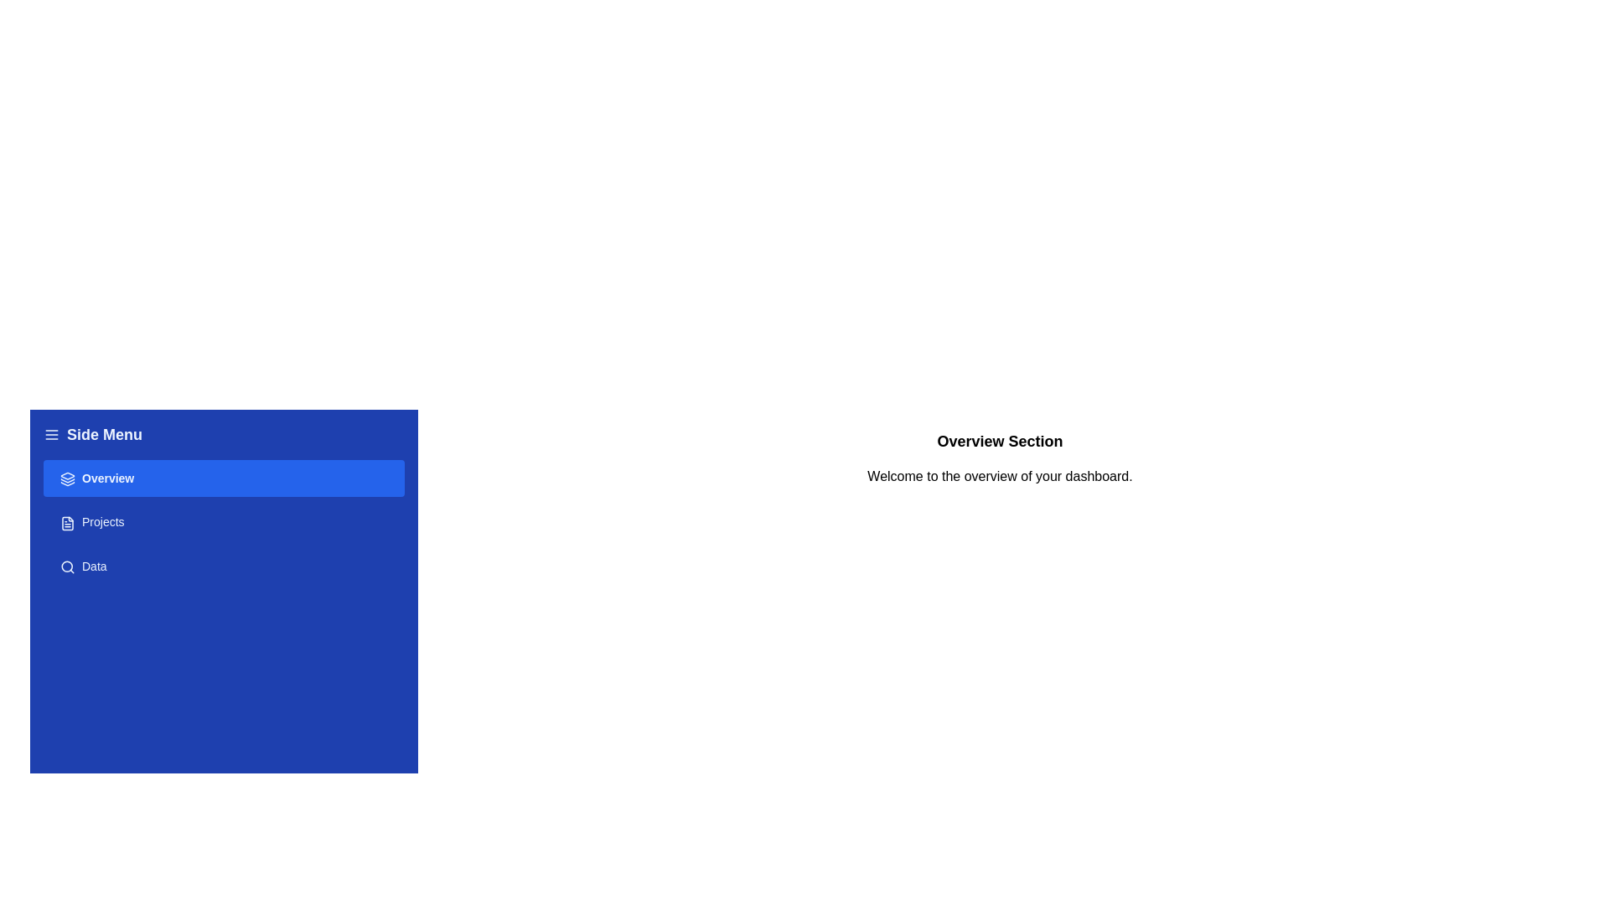 The width and height of the screenshot is (1609, 905). Describe the element at coordinates (223, 566) in the screenshot. I see `the third button in the sidebar menu that activates a navigation or search function` at that location.